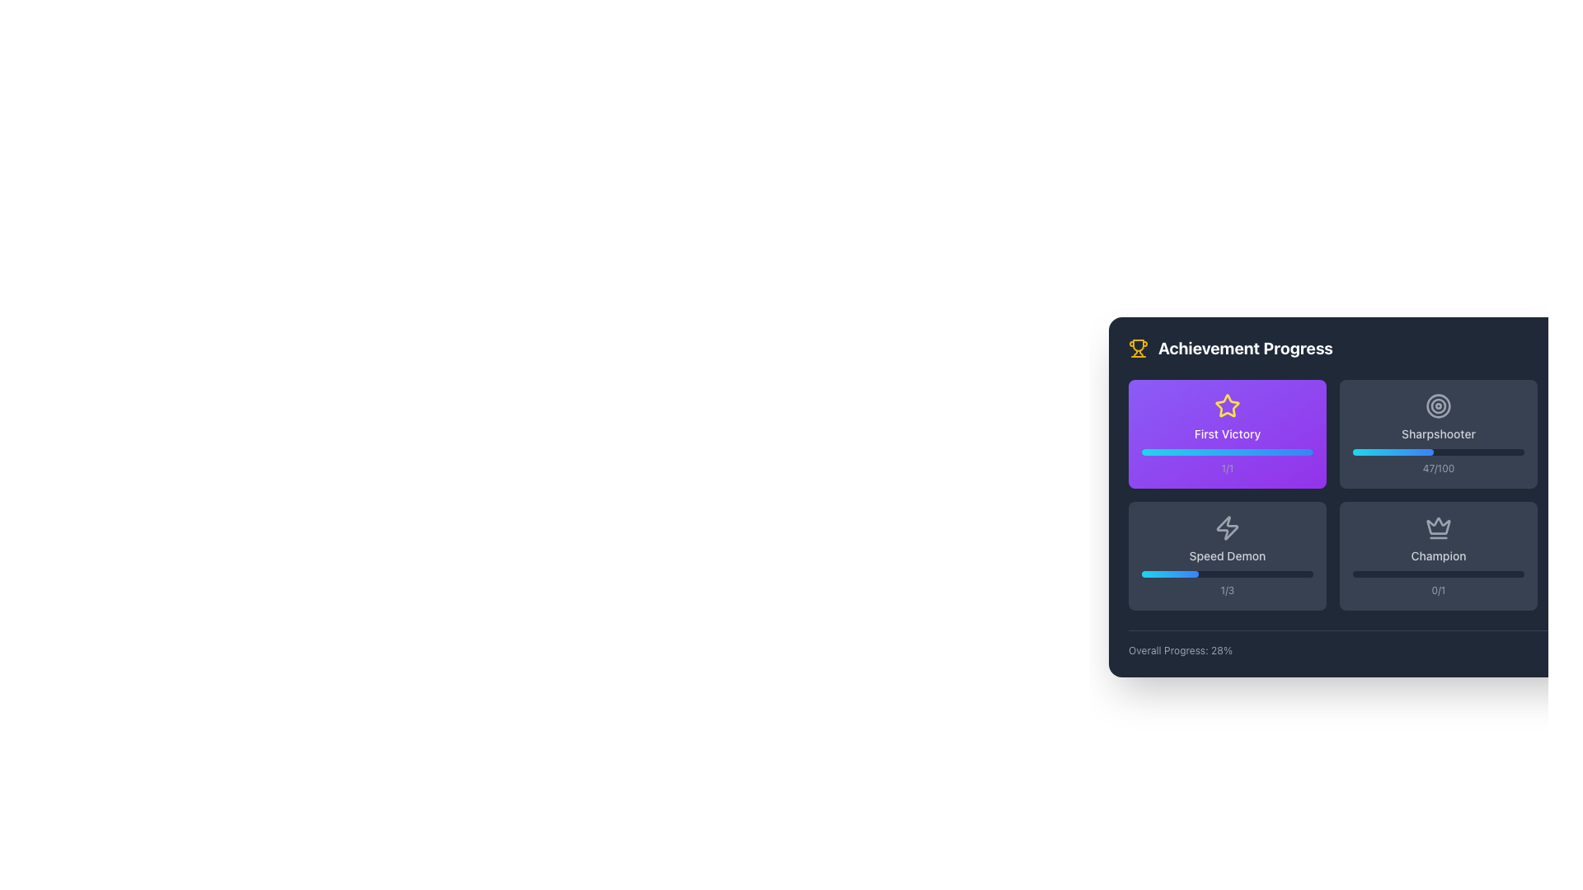  Describe the element at coordinates (1227, 406) in the screenshot. I see `the star-shaped icon with a yellow outline located in the upper-left tile of the Achievement Progress grid` at that location.